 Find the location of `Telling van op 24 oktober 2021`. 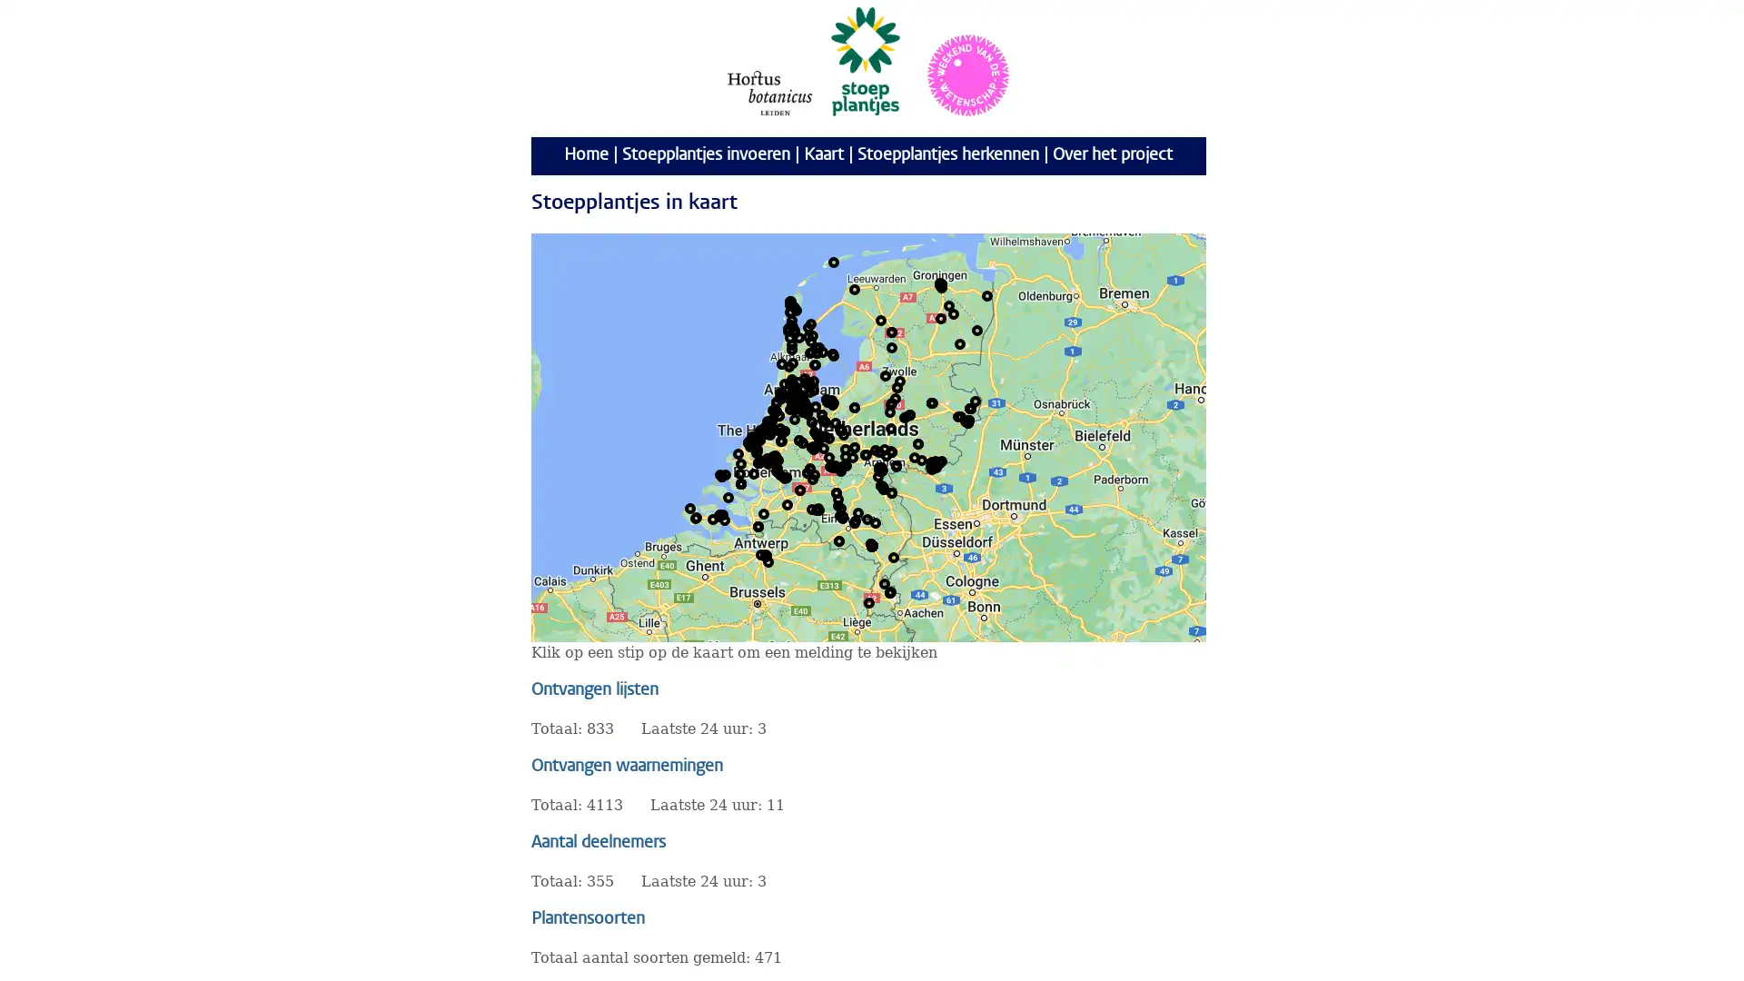

Telling van op 24 oktober 2021 is located at coordinates (835, 422).